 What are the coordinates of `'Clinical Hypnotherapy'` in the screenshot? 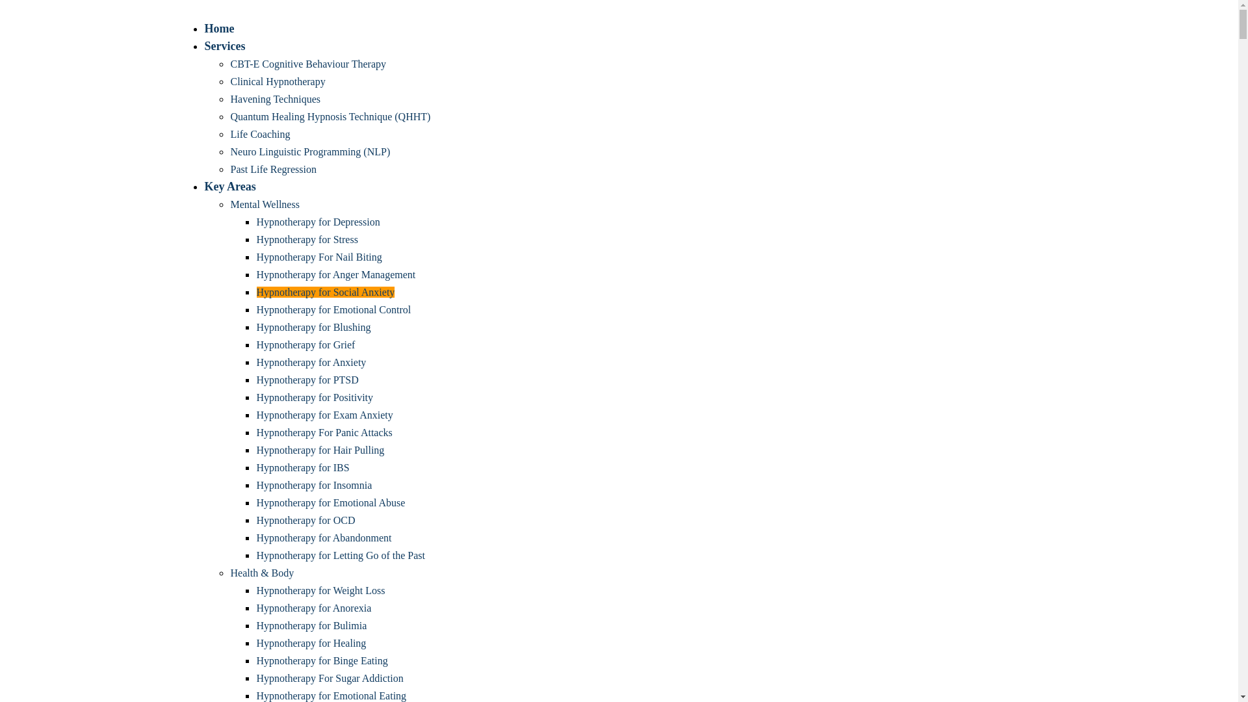 It's located at (277, 81).